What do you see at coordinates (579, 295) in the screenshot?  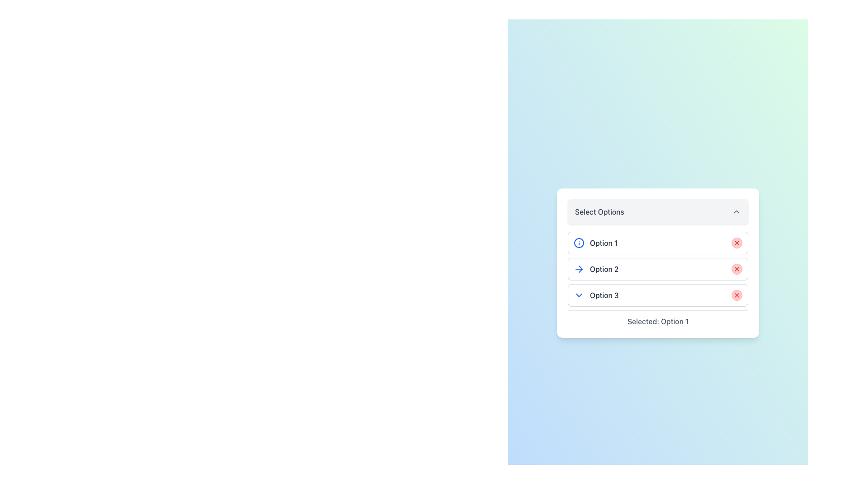 I see `the blue downward-pointing chevron icon next to the text label 'Option 3'` at bounding box center [579, 295].